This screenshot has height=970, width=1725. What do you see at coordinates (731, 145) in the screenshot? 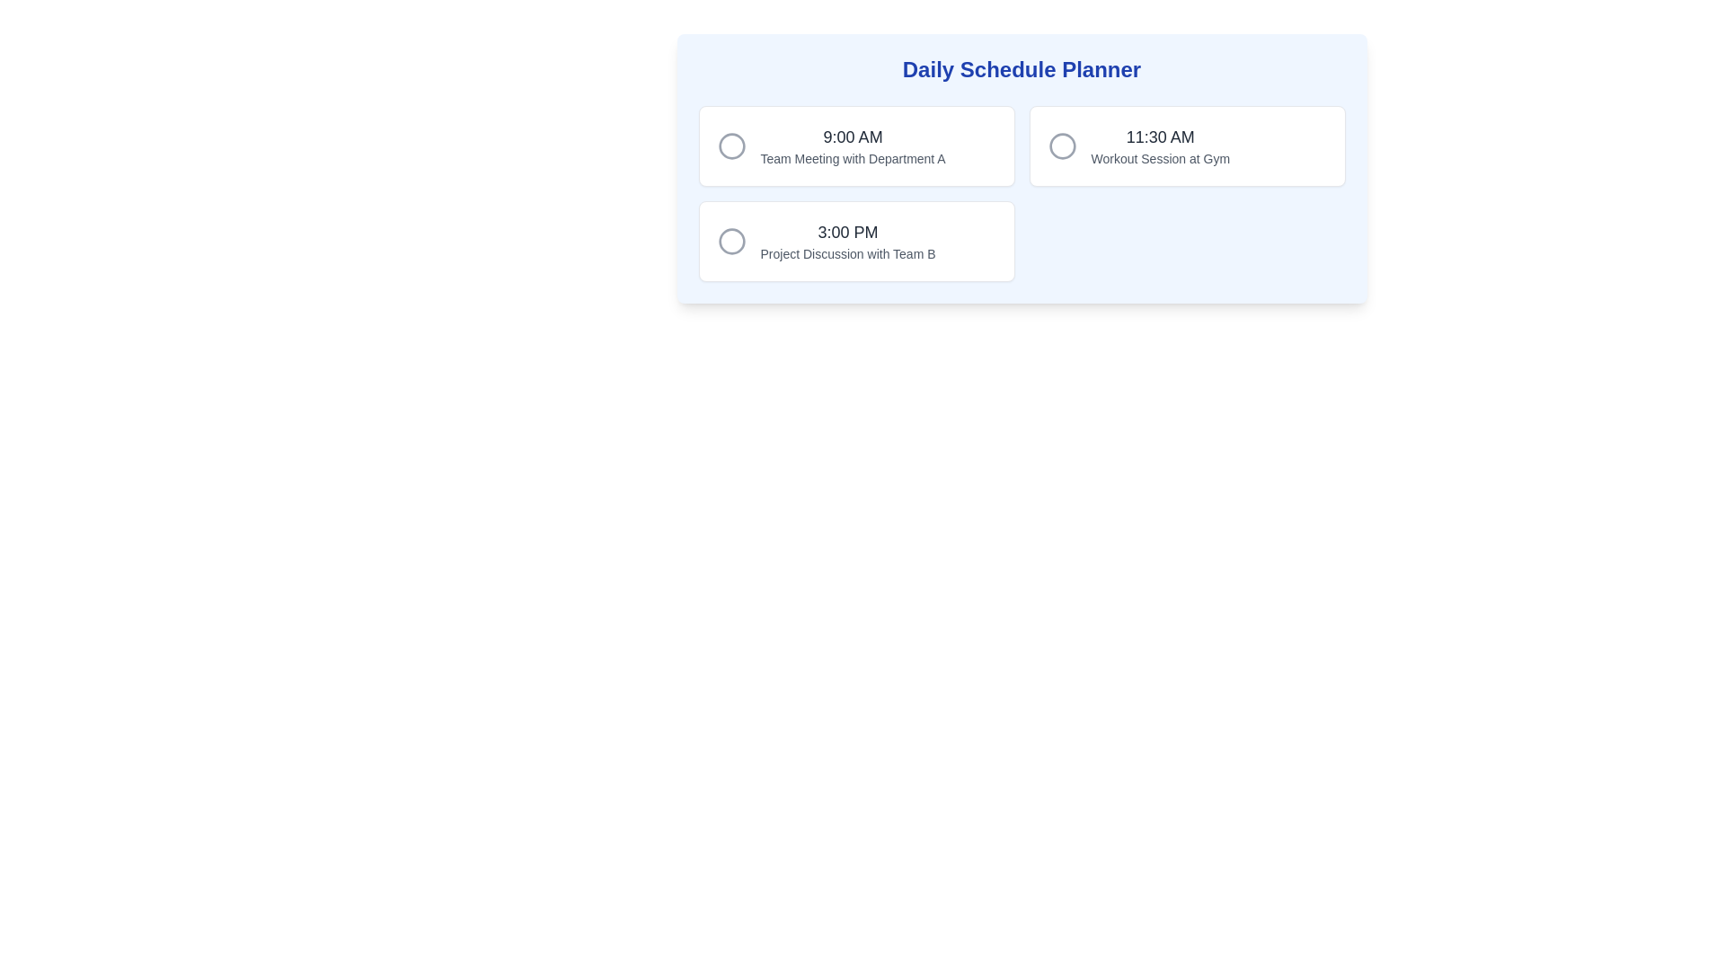
I see `the selectable icon (radio button) located to the left of the '9:00 AM Team Meeting with Department A' text` at bounding box center [731, 145].